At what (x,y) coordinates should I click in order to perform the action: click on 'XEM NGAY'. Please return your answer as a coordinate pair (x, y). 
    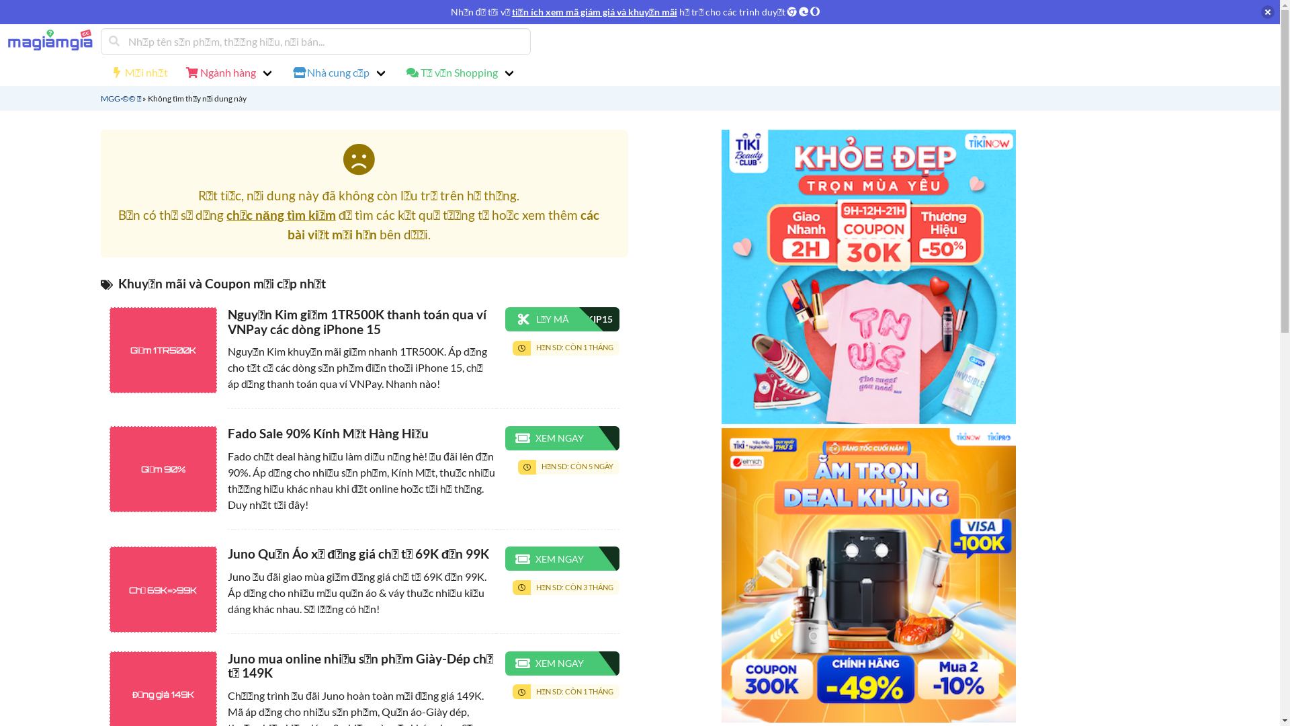
    Looking at the image, I should click on (505, 663).